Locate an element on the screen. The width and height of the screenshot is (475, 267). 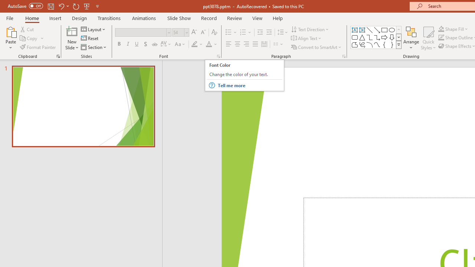
'Reset' is located at coordinates (90, 38).